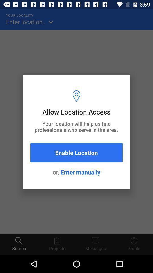 This screenshot has height=273, width=153. What do you see at coordinates (76, 172) in the screenshot?
I see `or, enter manually` at bounding box center [76, 172].